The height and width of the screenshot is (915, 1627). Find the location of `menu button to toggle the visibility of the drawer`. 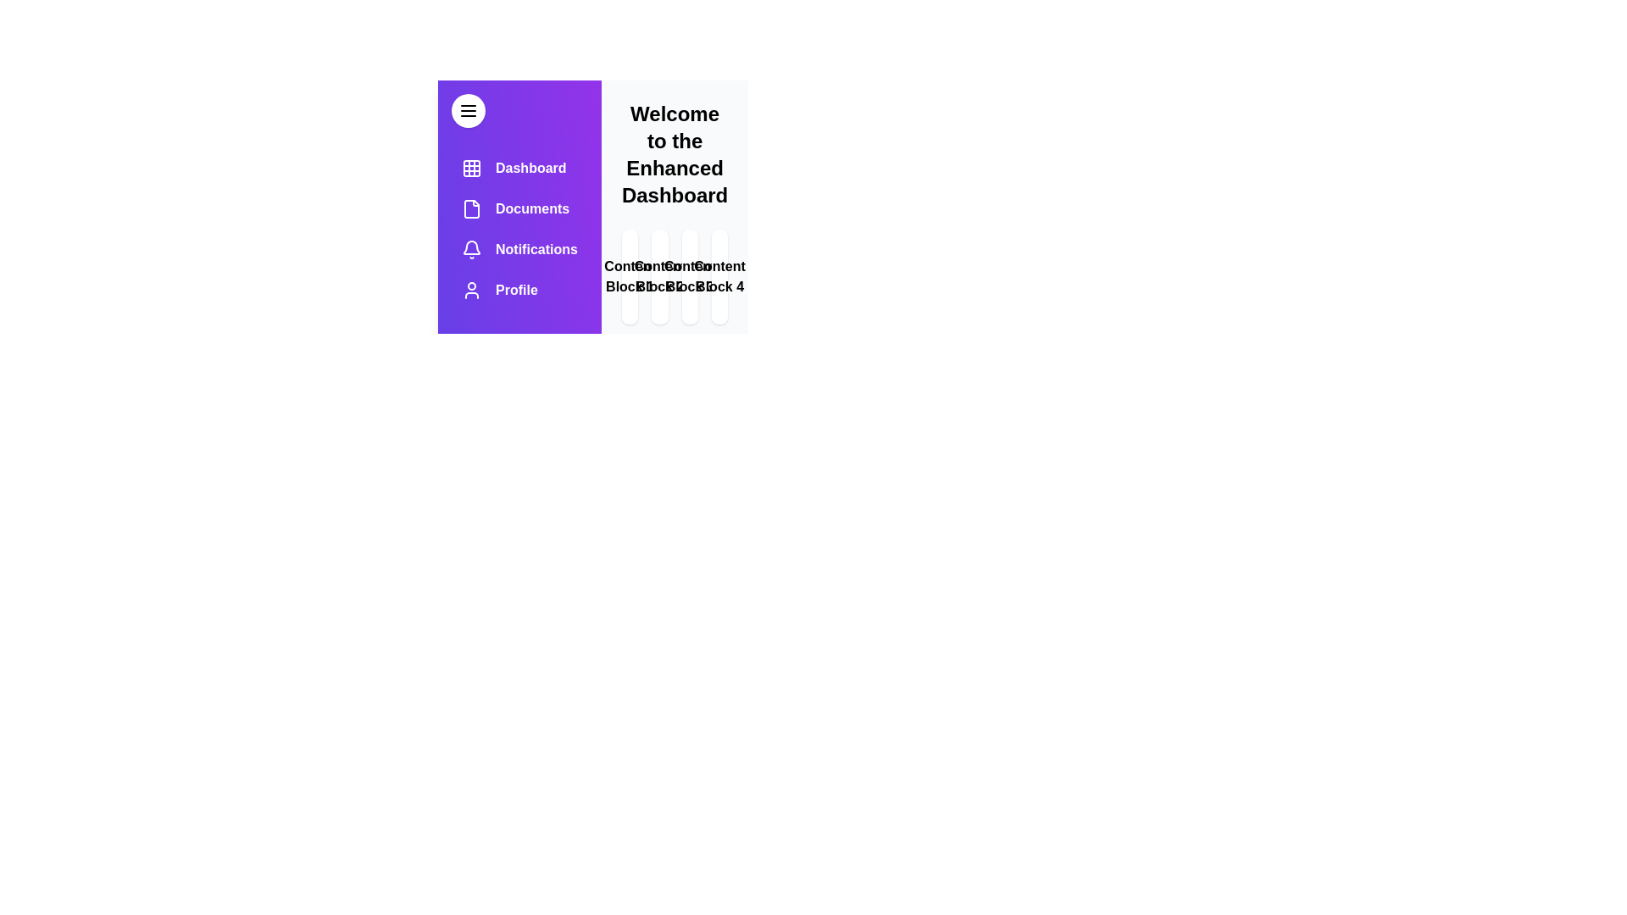

menu button to toggle the visibility of the drawer is located at coordinates (468, 111).